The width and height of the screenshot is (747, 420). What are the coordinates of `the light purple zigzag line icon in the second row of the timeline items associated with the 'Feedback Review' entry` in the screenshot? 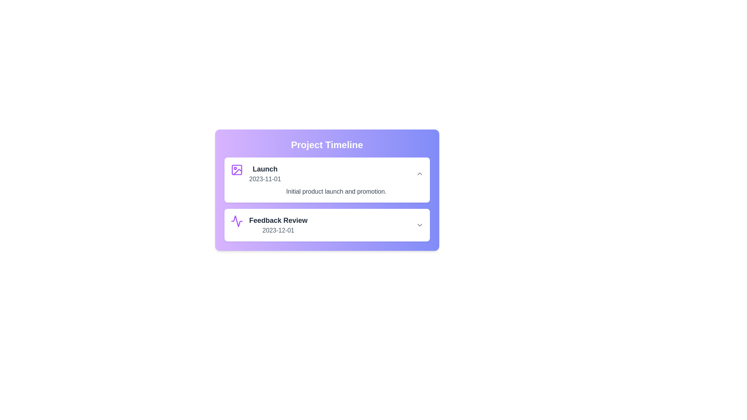 It's located at (236, 221).